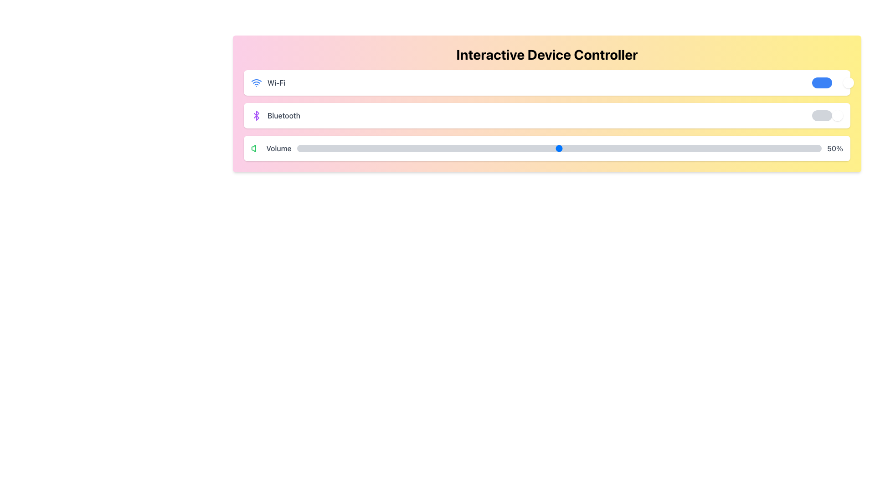 Image resolution: width=875 pixels, height=492 pixels. What do you see at coordinates (268, 82) in the screenshot?
I see `the Label with Icon that features a blue Wi-Fi icon on the left and the text 'Wi-Fi' styled in medium-weight gray font, located in the upper section of a card-like layout` at bounding box center [268, 82].